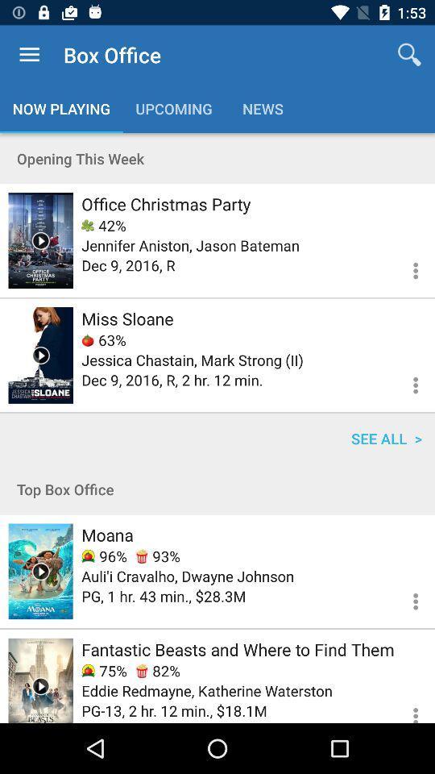 Image resolution: width=435 pixels, height=774 pixels. I want to click on options, so click(405, 707).